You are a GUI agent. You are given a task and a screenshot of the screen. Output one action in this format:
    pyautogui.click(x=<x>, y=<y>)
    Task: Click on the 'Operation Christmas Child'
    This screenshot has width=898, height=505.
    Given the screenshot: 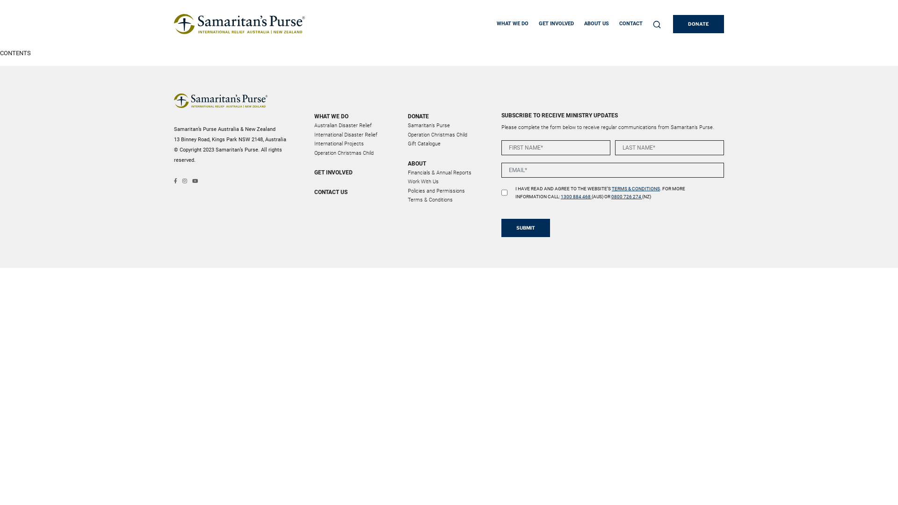 What is the action you would take?
    pyautogui.click(x=343, y=152)
    